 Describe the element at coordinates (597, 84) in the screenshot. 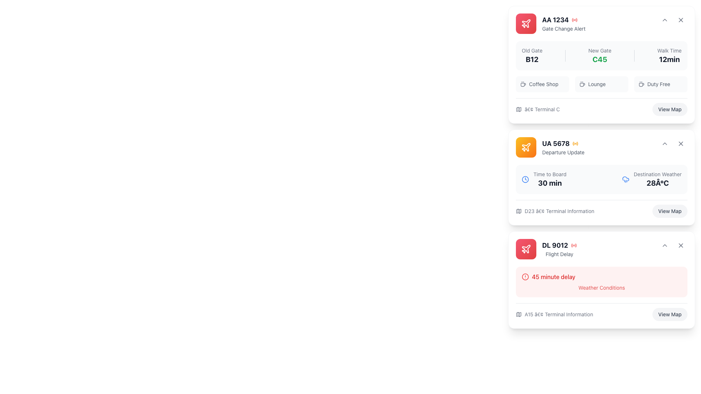

I see `the text element displaying the word 'Lounge', which is styled in gray and is centrally located in the top-most card of the right column, between a coffee cup icon and 'Duty Free'` at that location.